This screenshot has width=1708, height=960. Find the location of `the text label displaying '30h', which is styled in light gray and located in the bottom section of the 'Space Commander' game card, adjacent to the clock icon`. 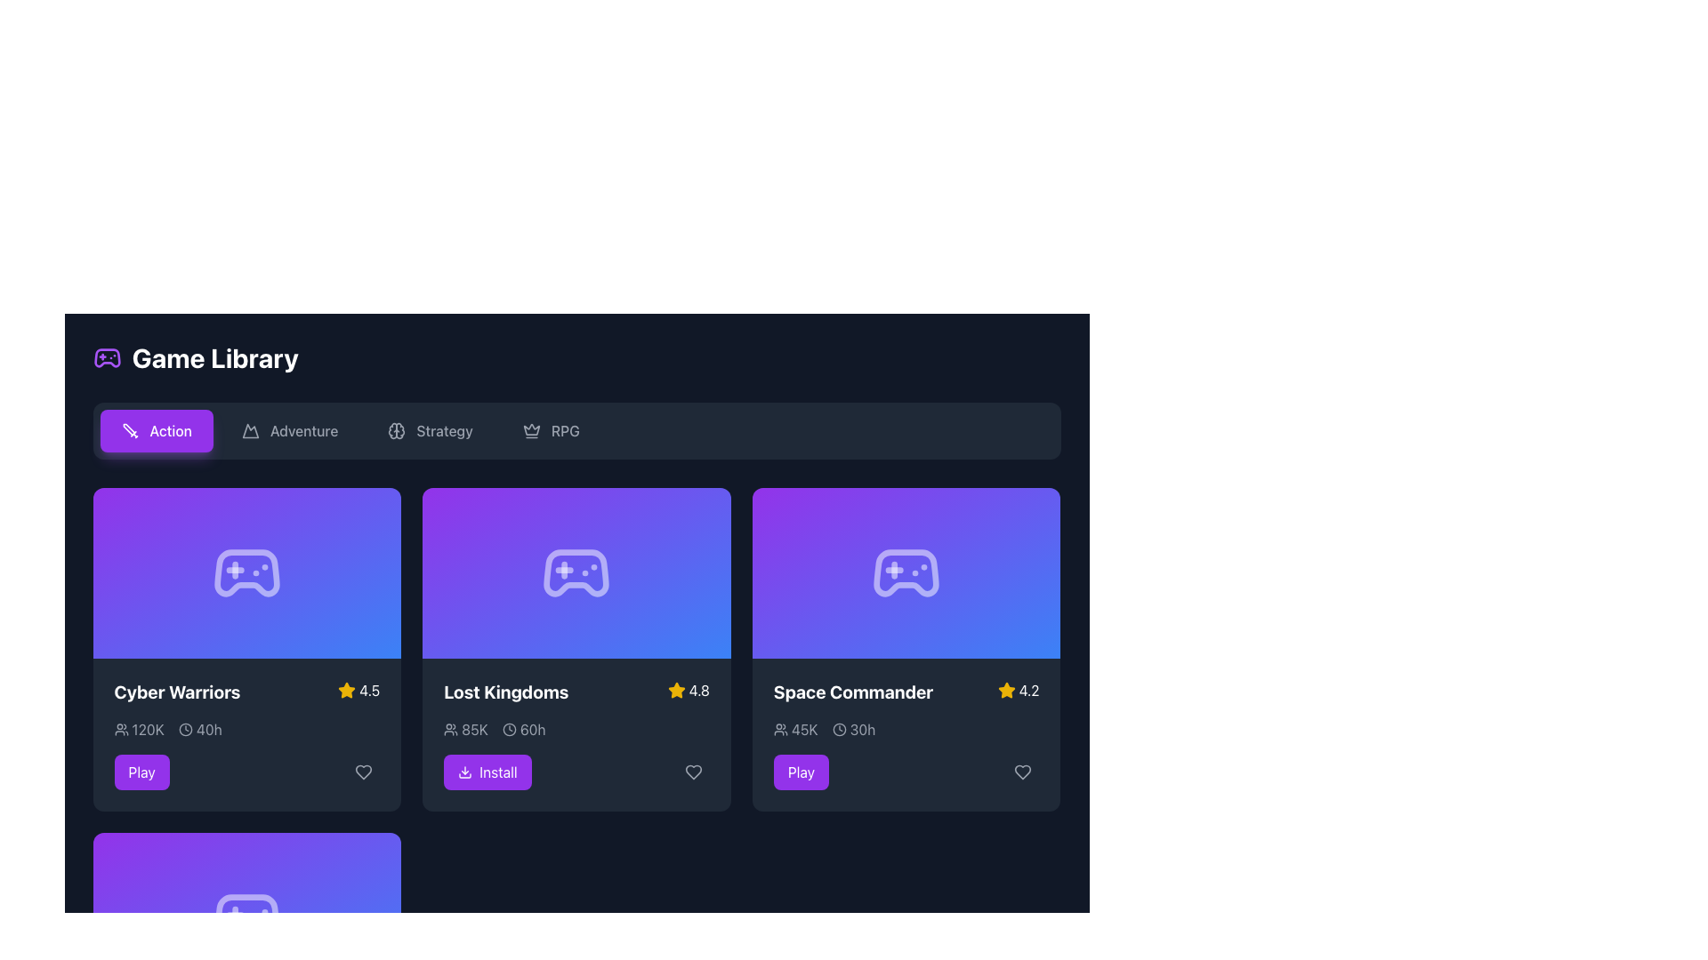

the text label displaying '30h', which is styled in light gray and located in the bottom section of the 'Space Commander' game card, adjacent to the clock icon is located at coordinates (862, 730).